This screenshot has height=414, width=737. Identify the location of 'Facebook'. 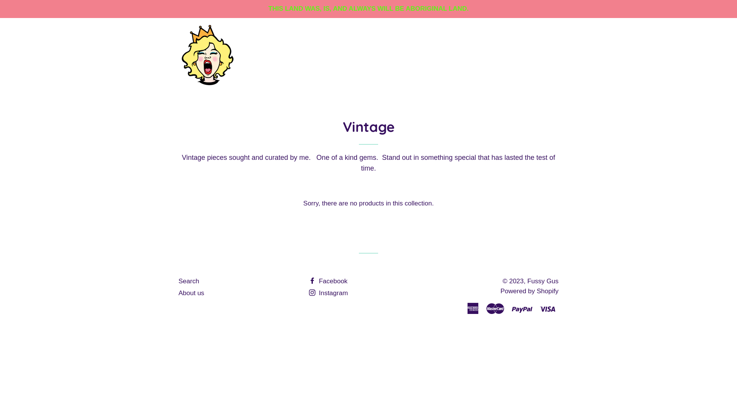
(328, 281).